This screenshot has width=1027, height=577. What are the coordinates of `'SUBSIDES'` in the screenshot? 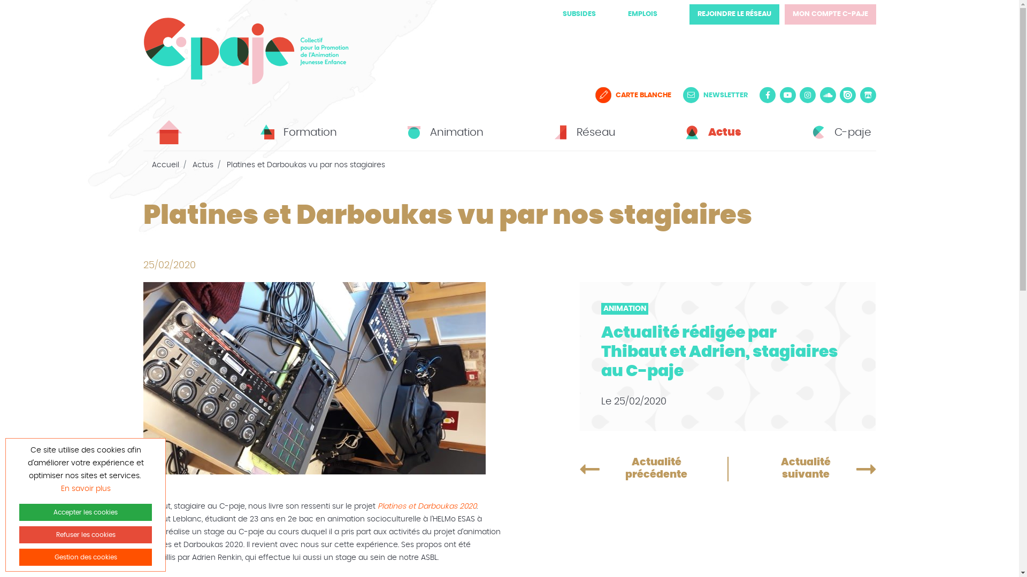 It's located at (579, 14).